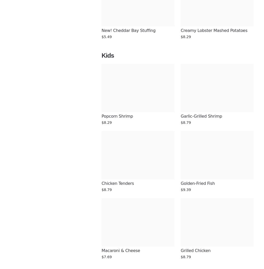 The image size is (264, 269). Describe the element at coordinates (117, 116) in the screenshot. I see `'Popcorn Shrimp'` at that location.